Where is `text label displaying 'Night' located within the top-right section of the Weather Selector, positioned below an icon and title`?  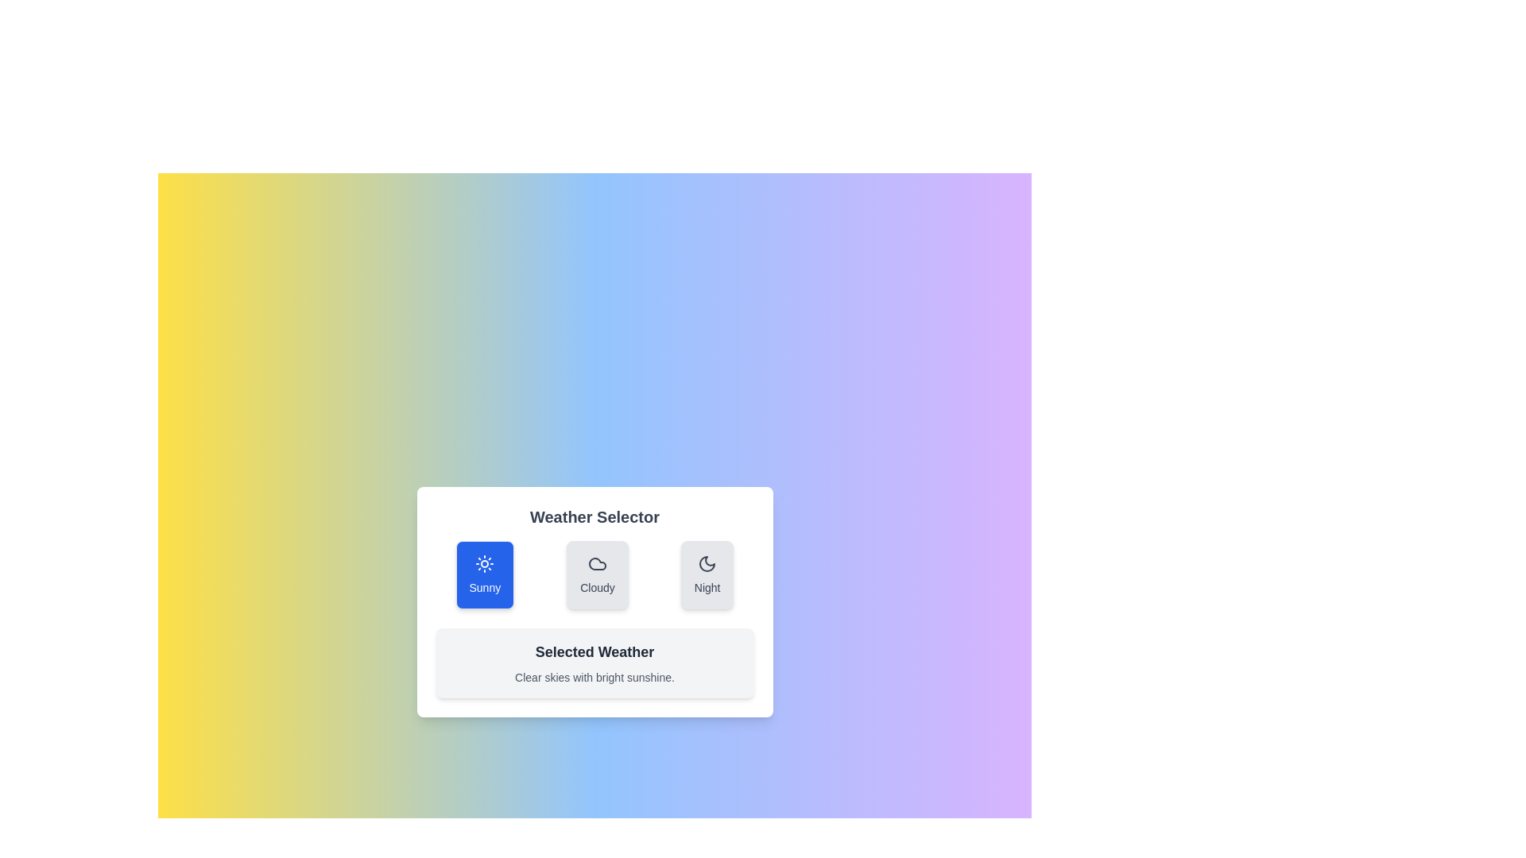 text label displaying 'Night' located within the top-right section of the Weather Selector, positioned below an icon and title is located at coordinates (707, 588).